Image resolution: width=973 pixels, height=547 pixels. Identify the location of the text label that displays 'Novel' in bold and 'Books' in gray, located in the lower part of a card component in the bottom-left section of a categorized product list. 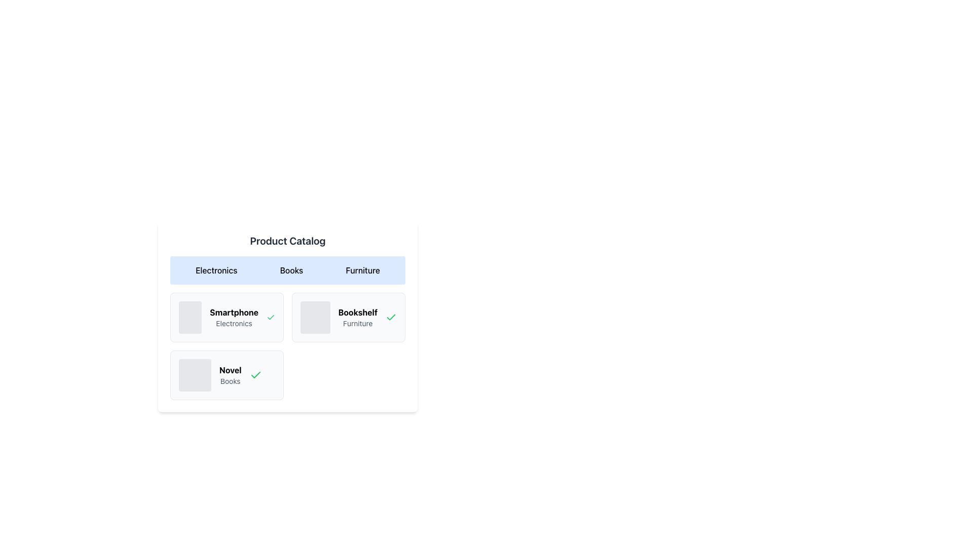
(230, 375).